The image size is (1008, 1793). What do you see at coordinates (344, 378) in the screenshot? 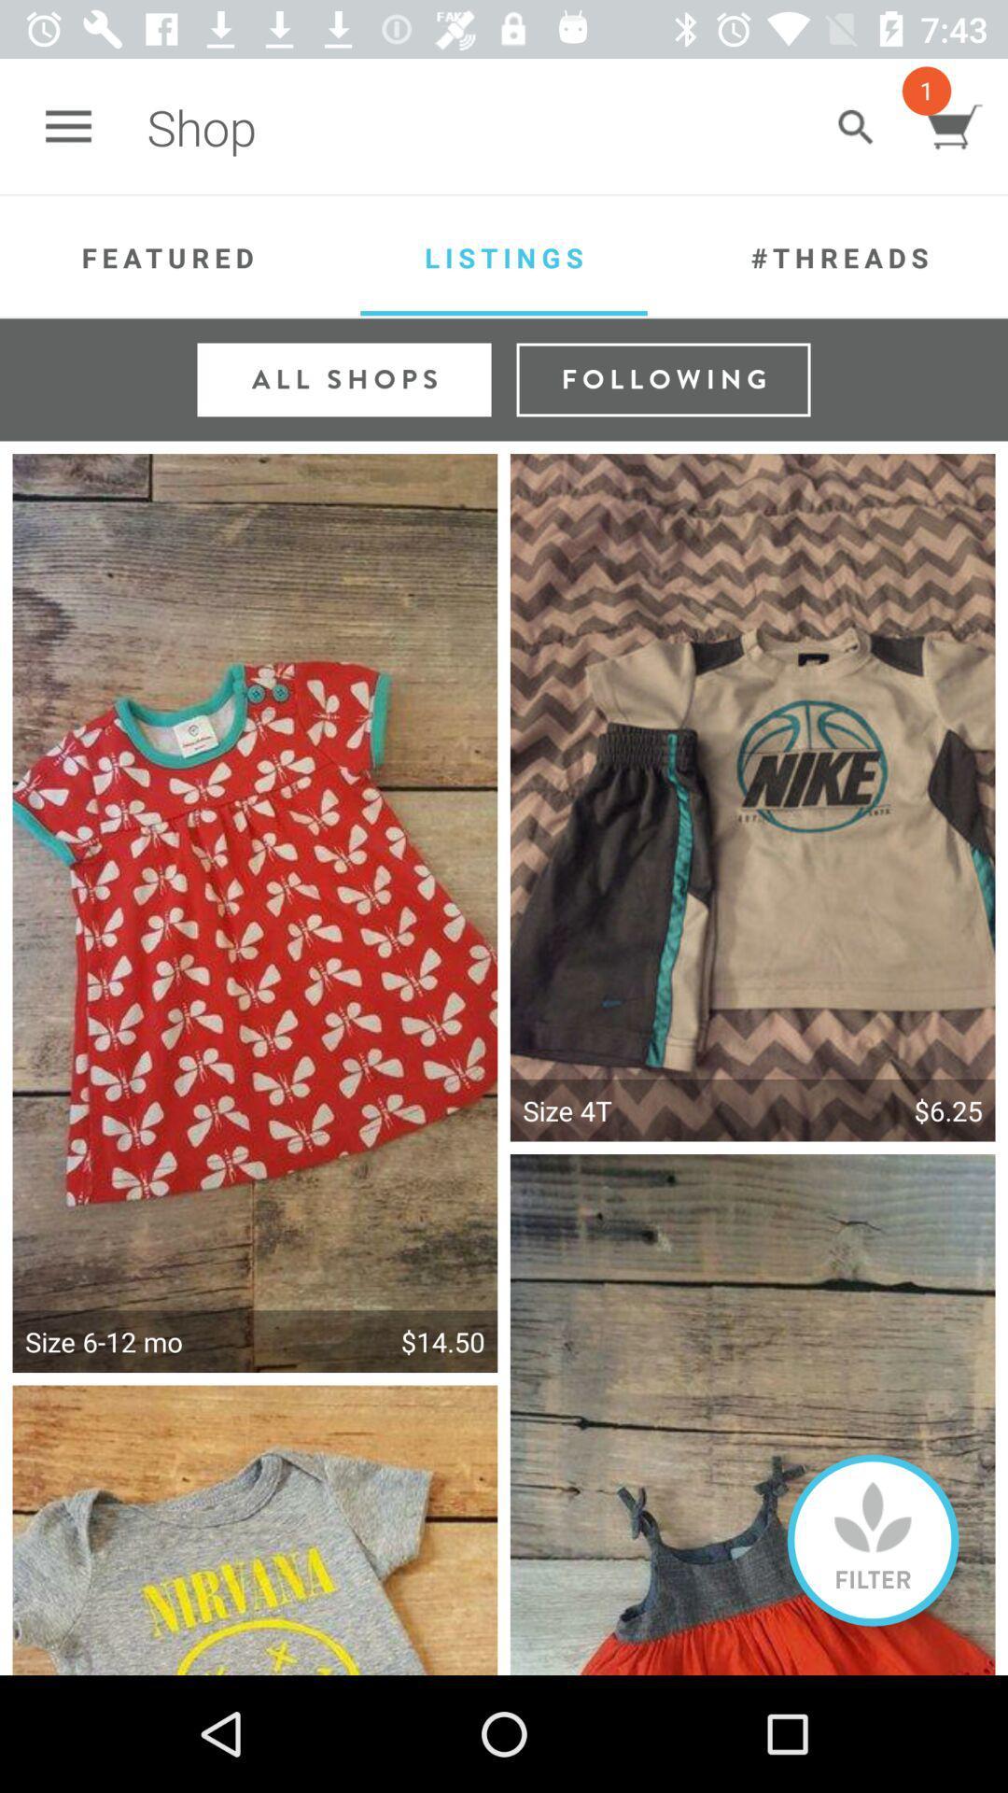
I see `the item to the left of following item` at bounding box center [344, 378].